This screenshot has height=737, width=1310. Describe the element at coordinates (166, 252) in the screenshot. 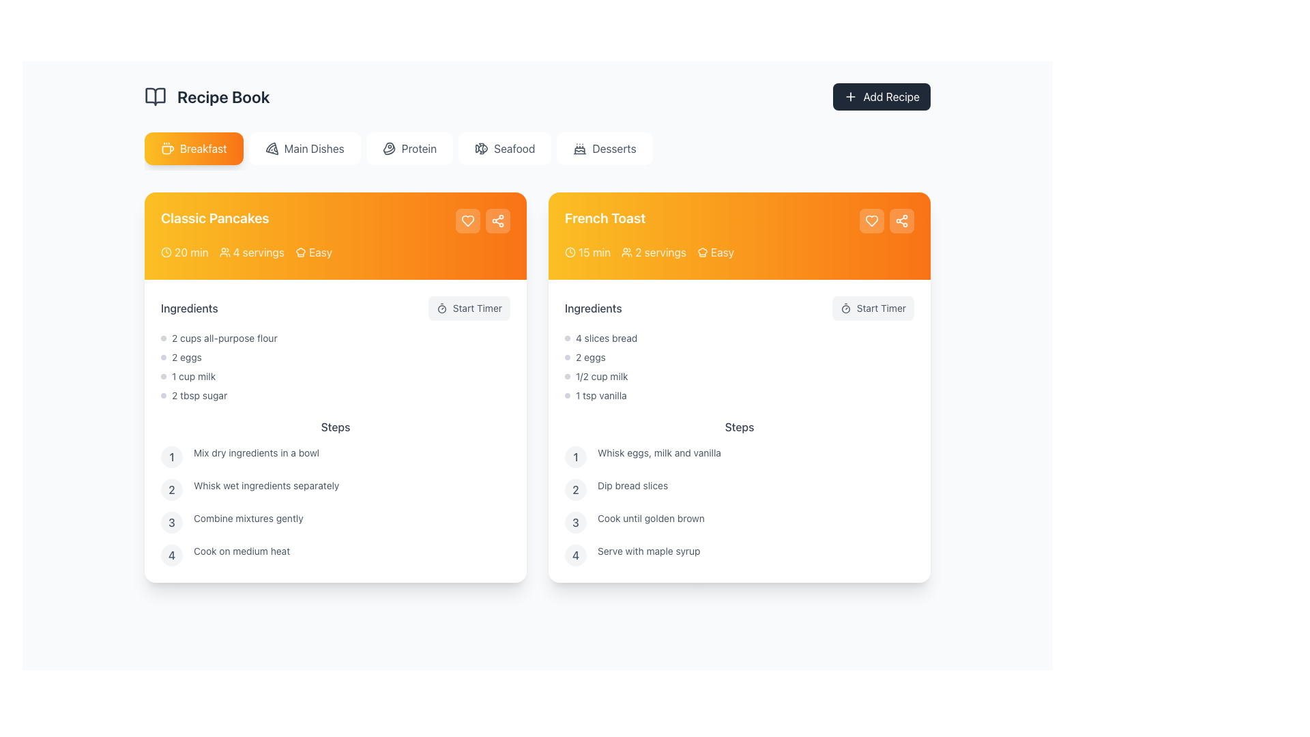

I see `the decorative SVG circle element in the center of the clock icon on the 'Classic Pancakes' card located in the yellow gradient header section` at that location.